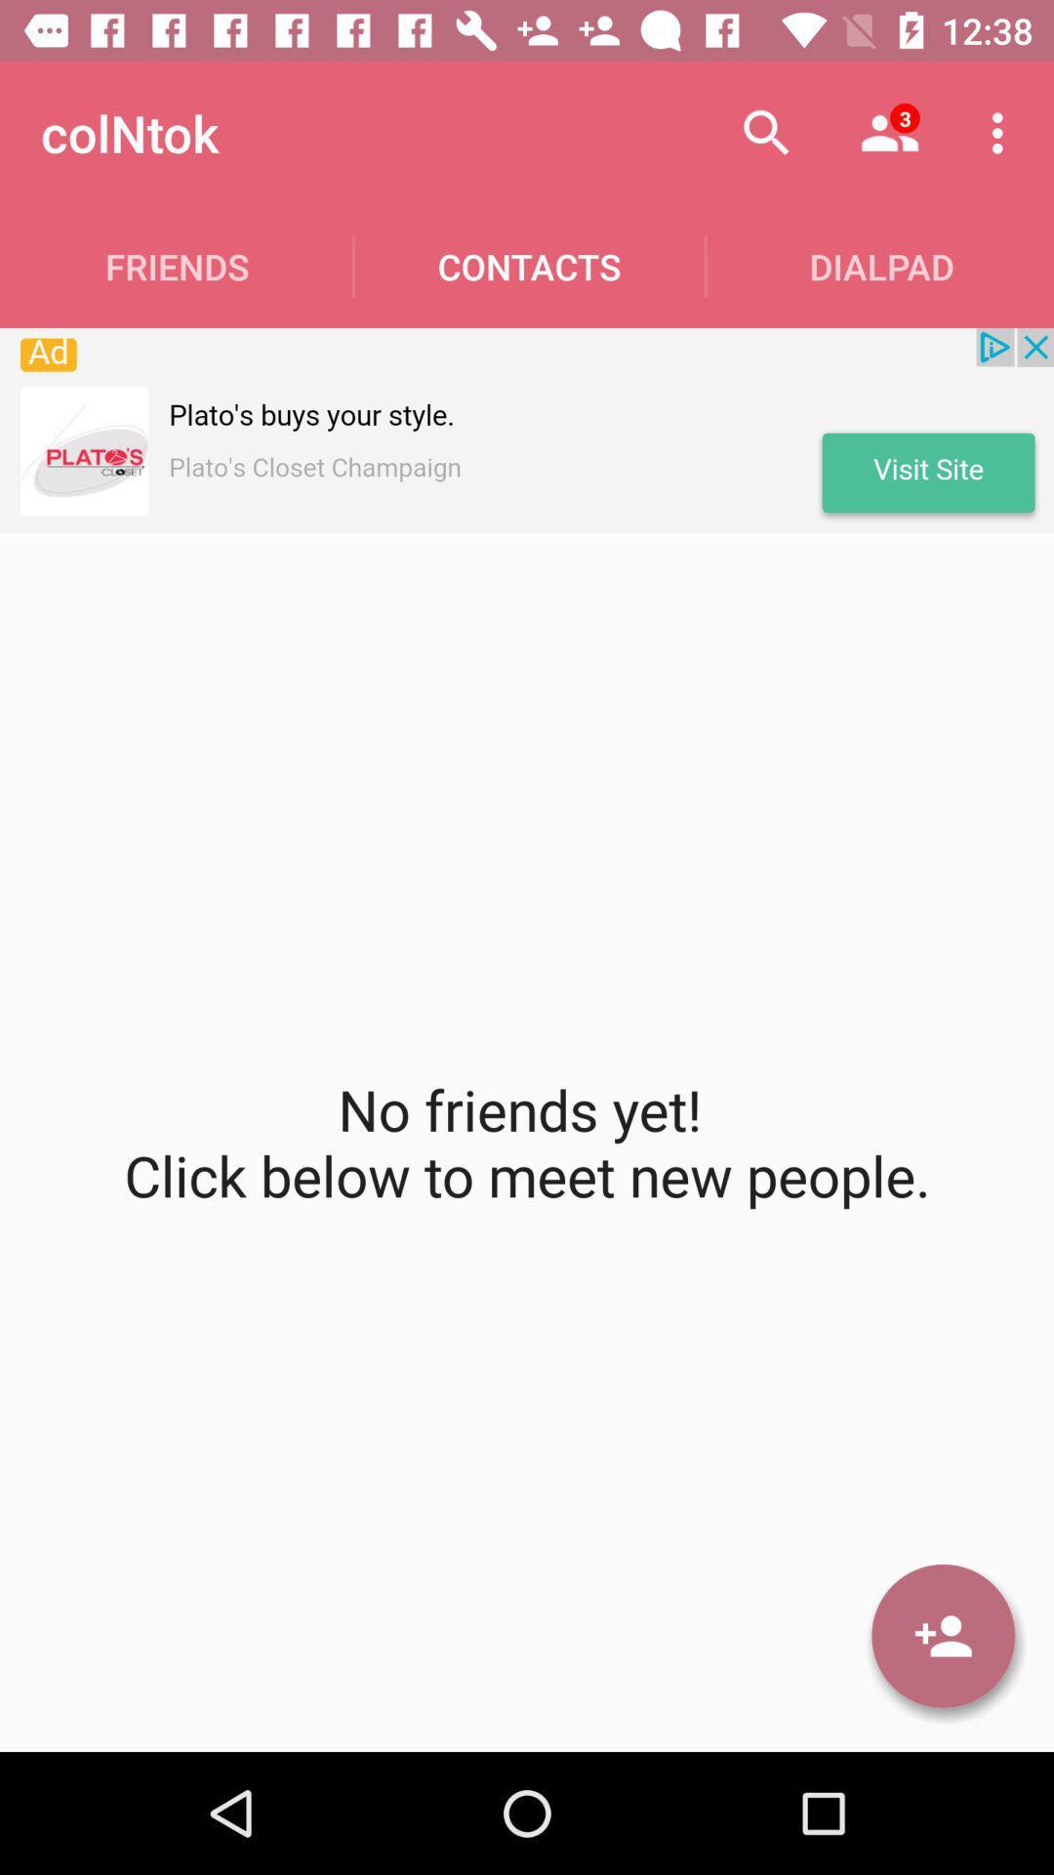 The width and height of the screenshot is (1054, 1875). Describe the element at coordinates (942, 1636) in the screenshot. I see `user` at that location.